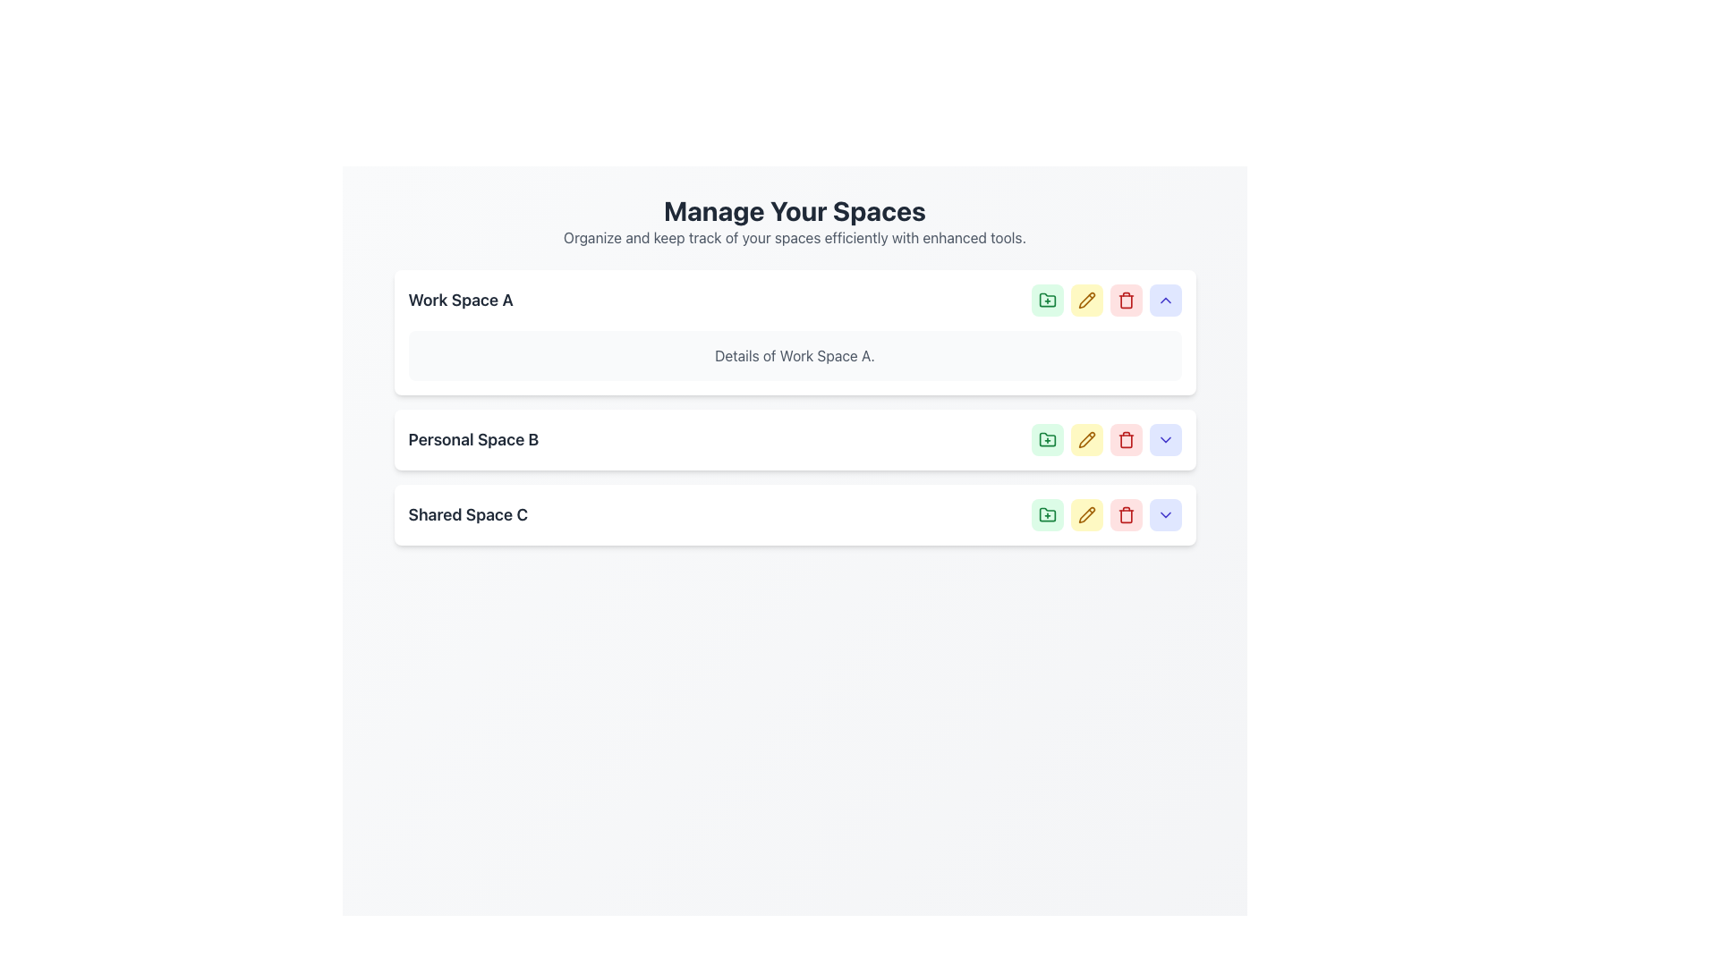  I want to click on the text label that serves as the title or identifier for the corresponding workspace section, so click(461, 299).